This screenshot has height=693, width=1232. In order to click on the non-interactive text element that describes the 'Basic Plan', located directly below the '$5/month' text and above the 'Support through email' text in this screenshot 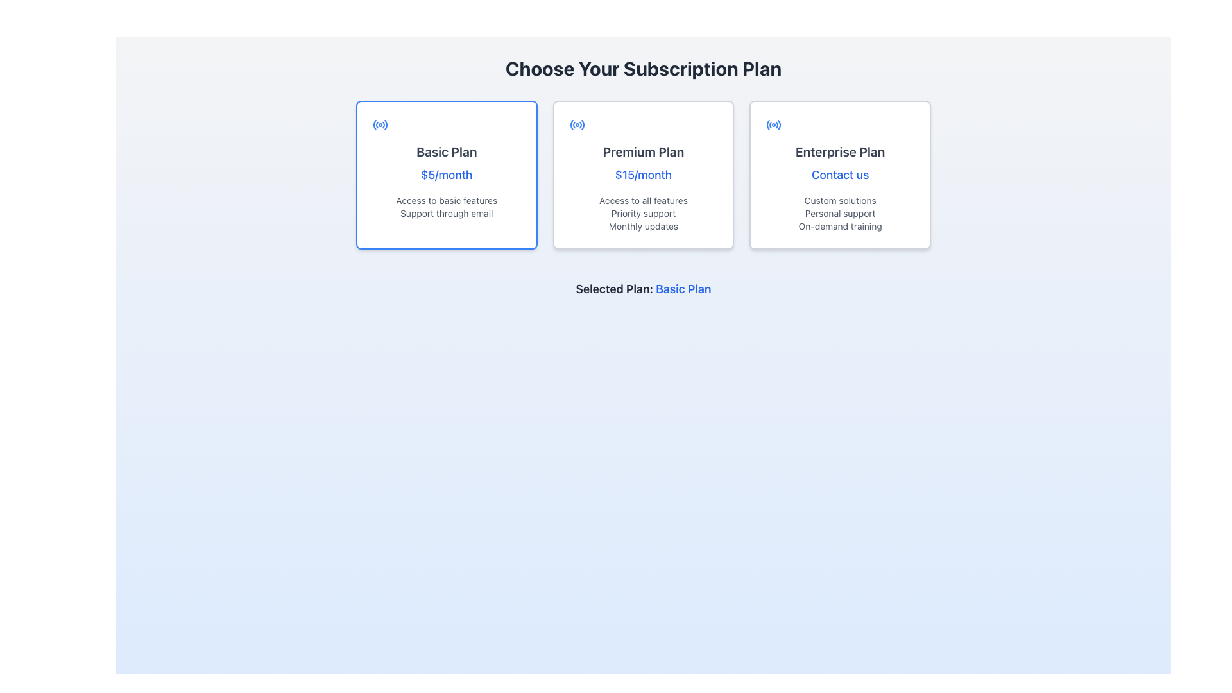, I will do `click(447, 200)`.